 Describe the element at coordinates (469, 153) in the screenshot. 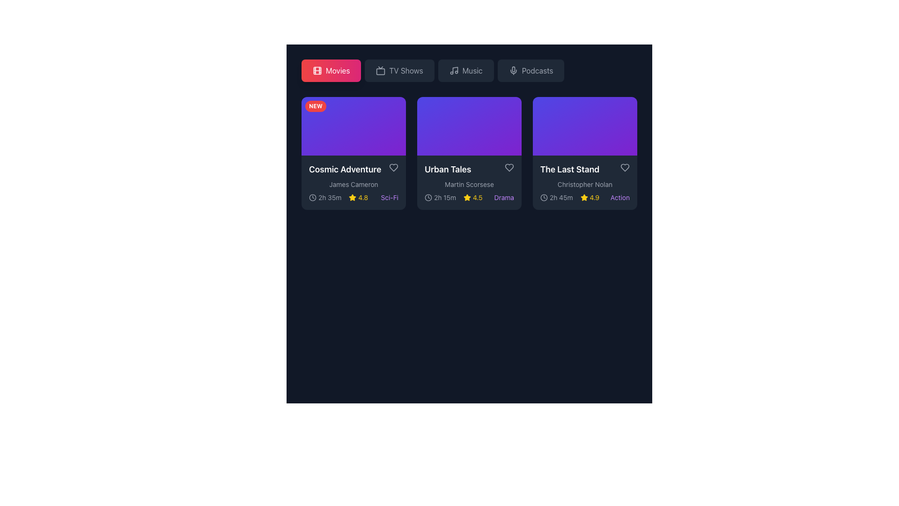

I see `the second card displaying the movie 'Urban Tales' directed by Martin Scorsese, which has a purple gradient background and textual content at the bottom` at that location.